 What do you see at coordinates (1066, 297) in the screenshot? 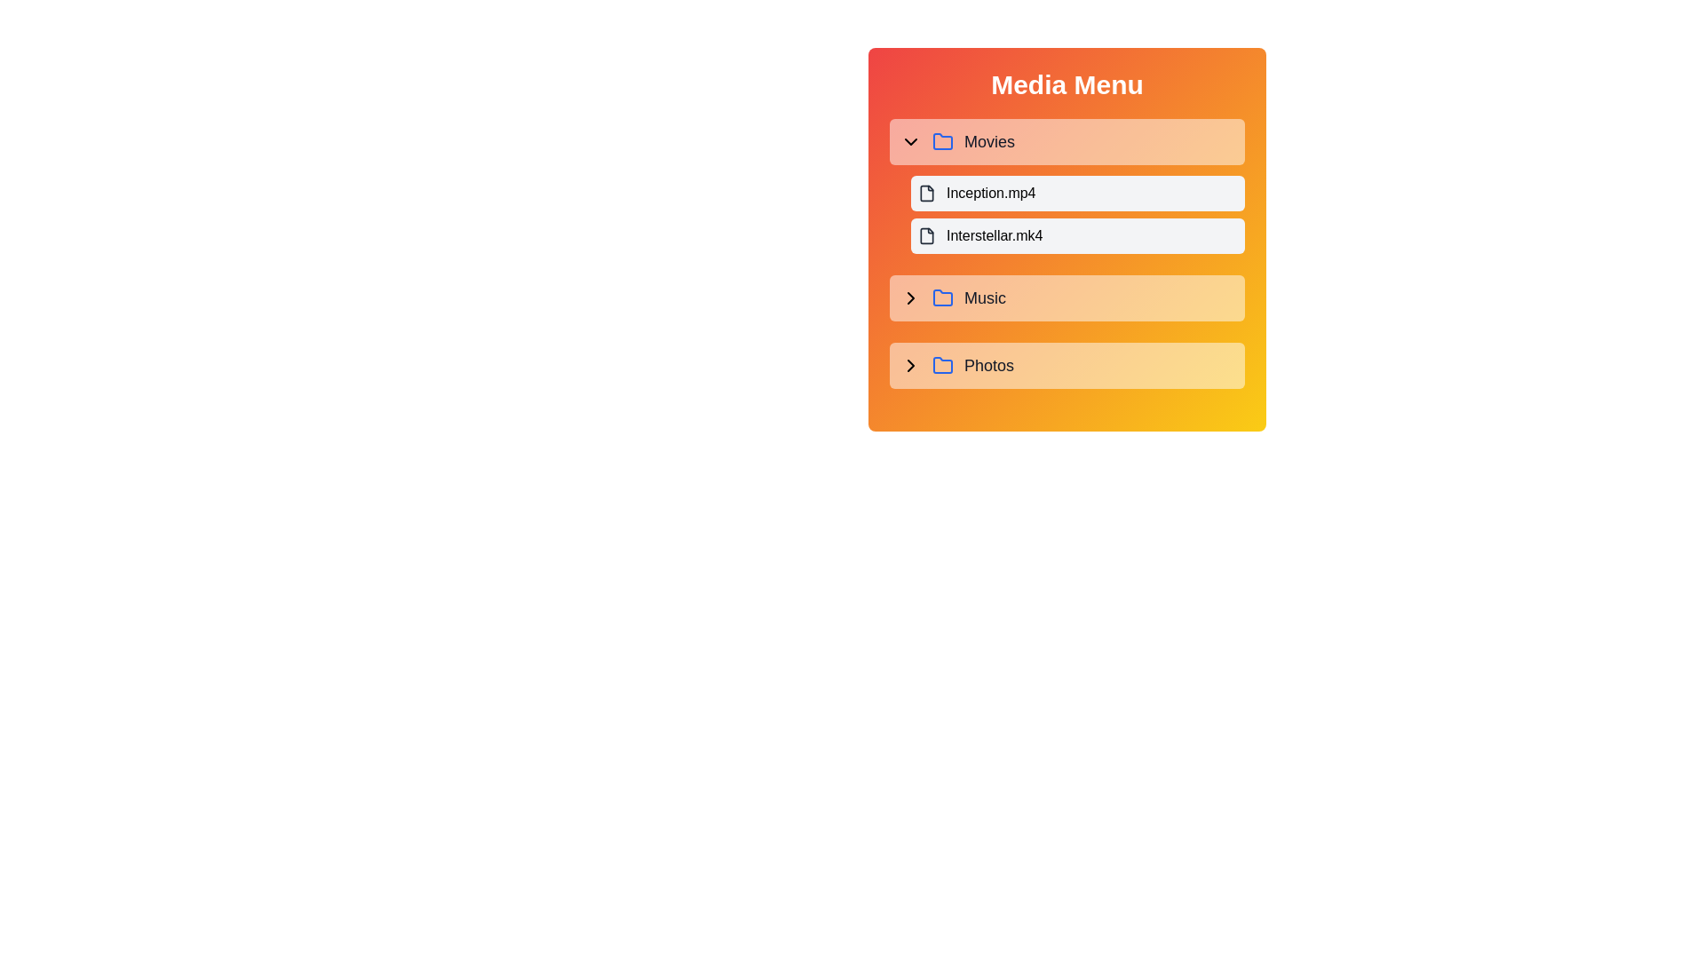
I see `the interactive menu list item labeled 'Music'` at bounding box center [1066, 297].